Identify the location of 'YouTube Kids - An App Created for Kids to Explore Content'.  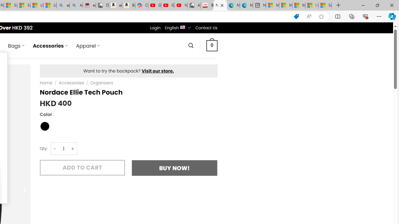
(180, 5).